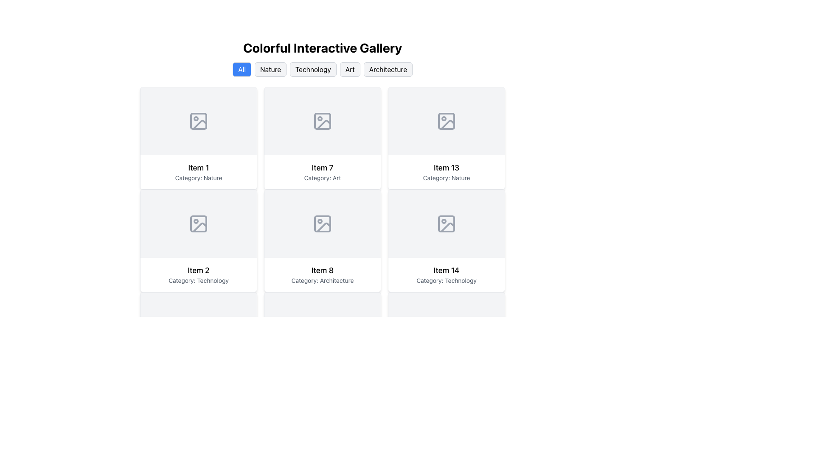 This screenshot has width=815, height=458. What do you see at coordinates (322, 223) in the screenshot?
I see `the image placeholder located in the upper section of the 'Item 8' card in the middle row of the gallery` at bounding box center [322, 223].